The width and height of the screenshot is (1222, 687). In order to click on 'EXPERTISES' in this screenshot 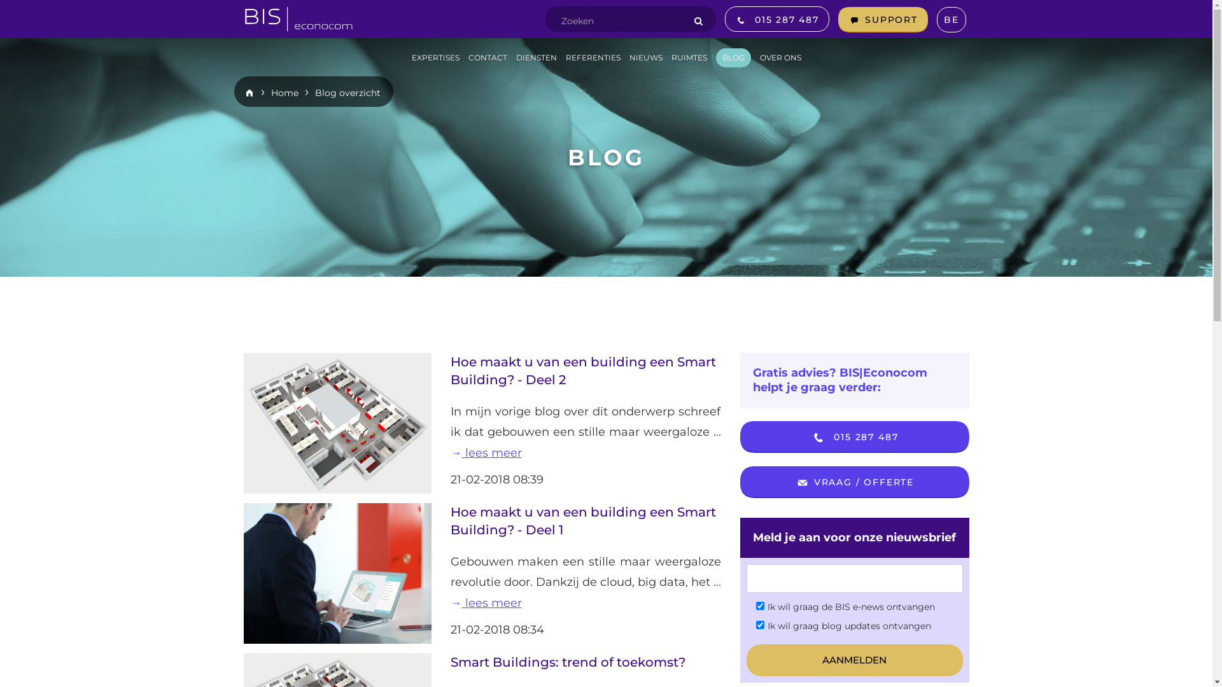, I will do `click(435, 58)`.